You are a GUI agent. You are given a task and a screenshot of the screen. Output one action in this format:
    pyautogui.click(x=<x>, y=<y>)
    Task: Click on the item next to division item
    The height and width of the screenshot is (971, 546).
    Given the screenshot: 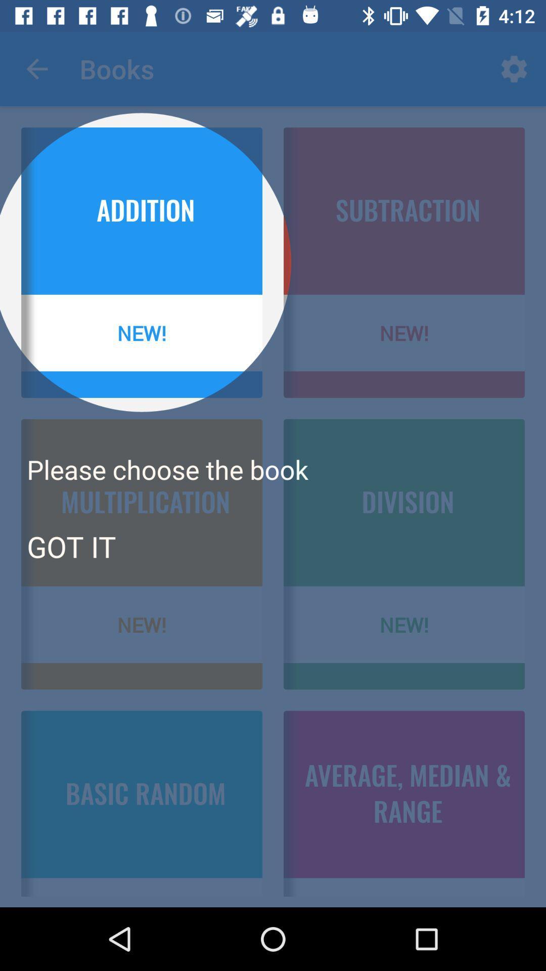 What is the action you would take?
    pyautogui.click(x=71, y=546)
    